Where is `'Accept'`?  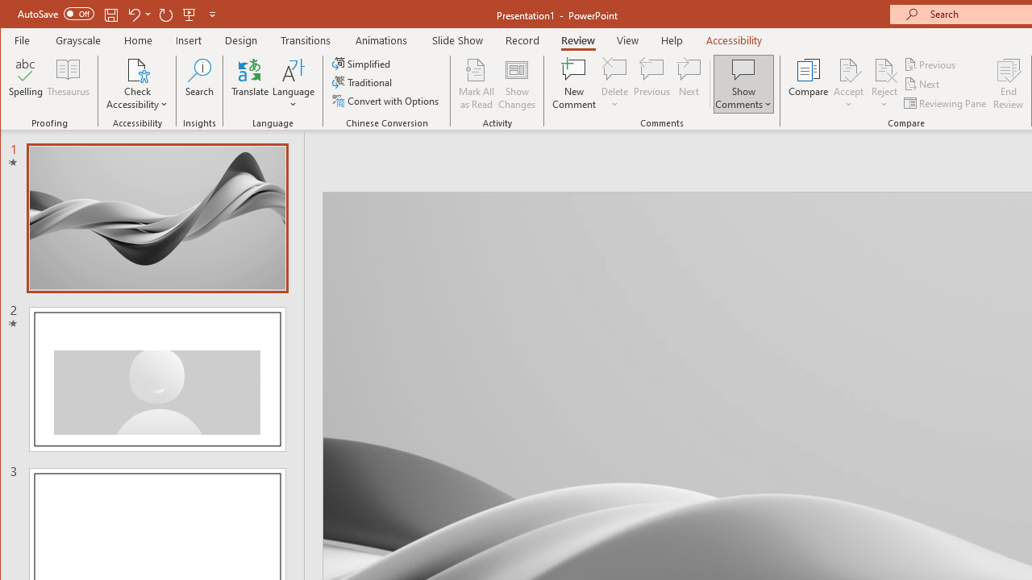
'Accept' is located at coordinates (847, 84).